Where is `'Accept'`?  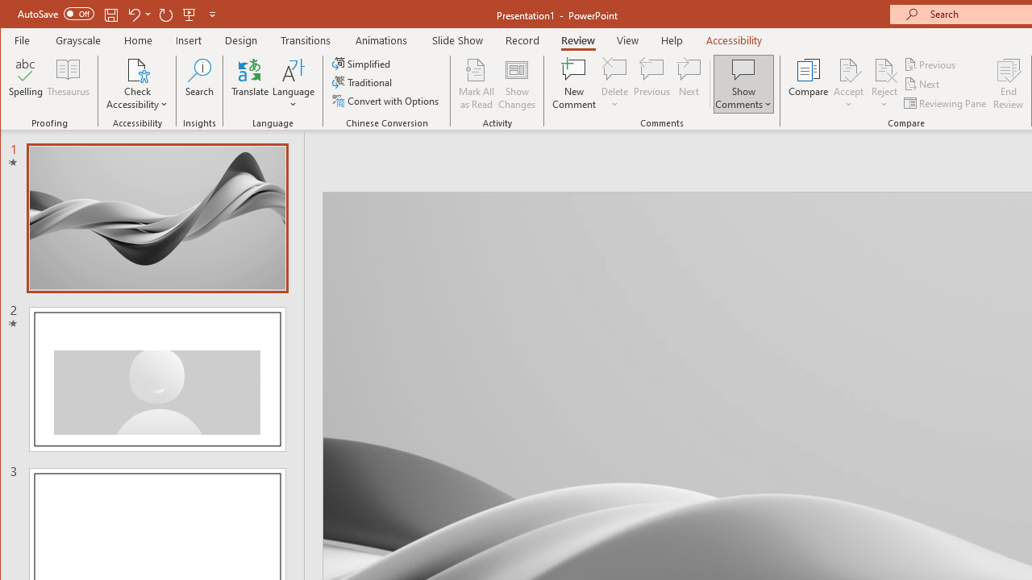
'Accept' is located at coordinates (847, 84).